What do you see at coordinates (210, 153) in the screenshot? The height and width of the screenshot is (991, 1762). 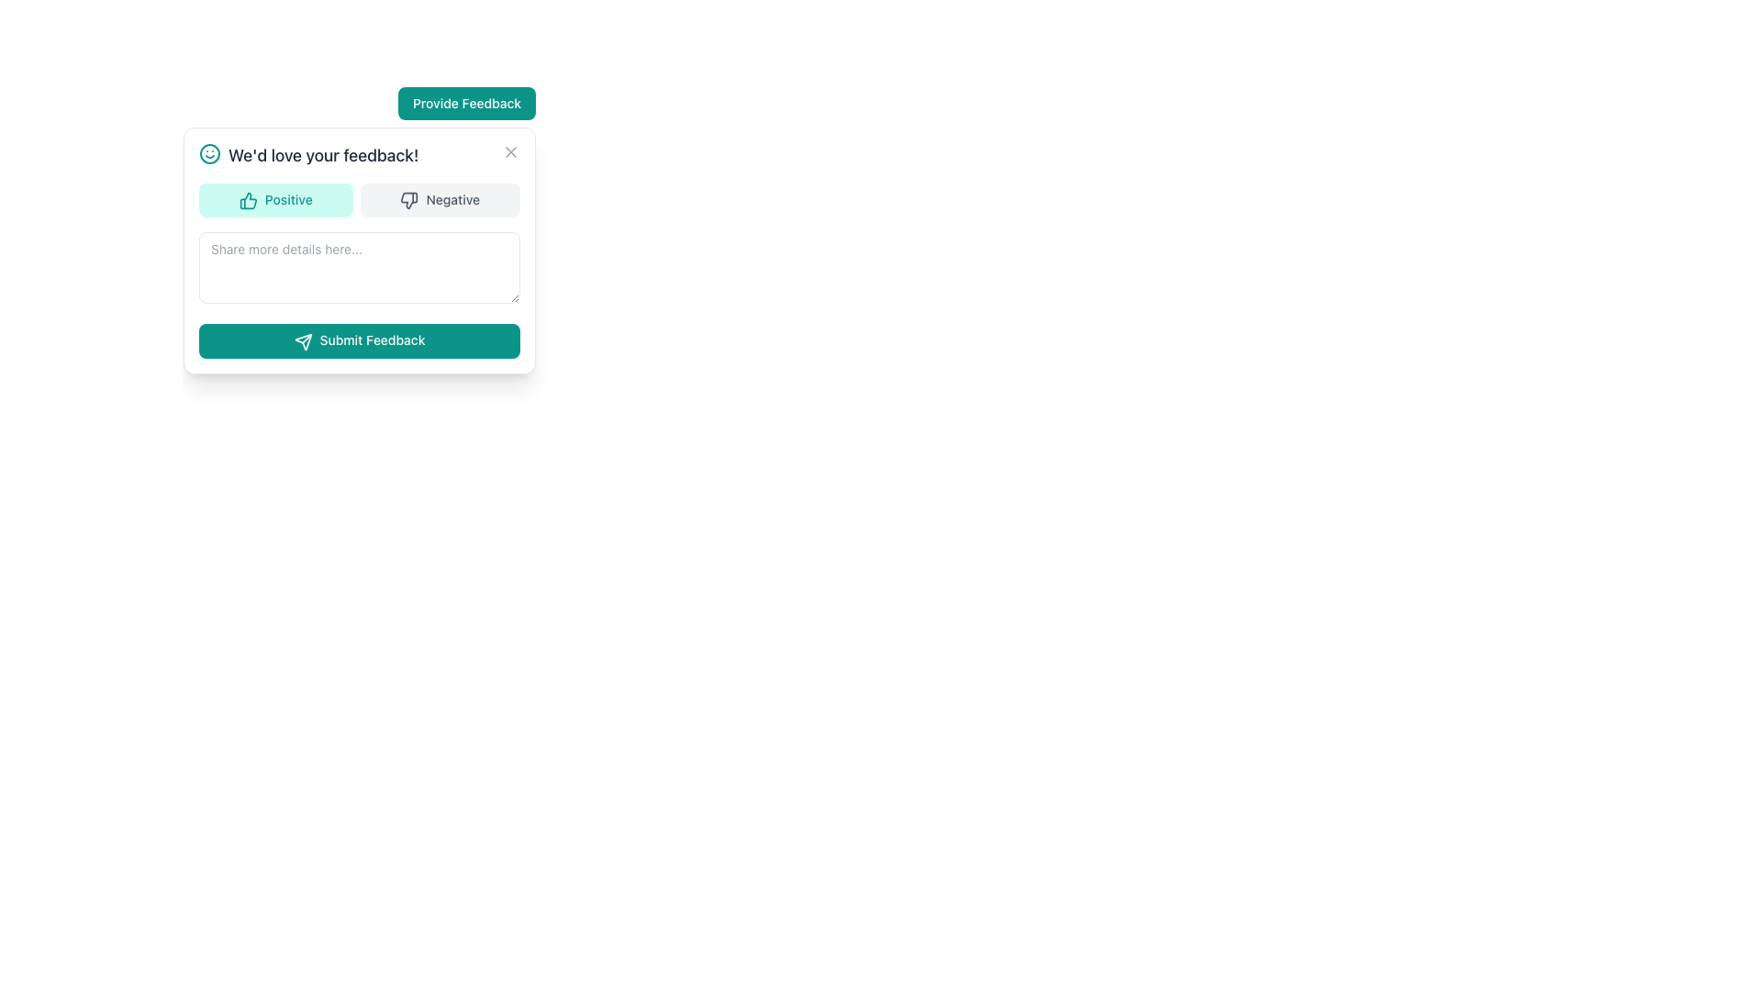 I see `the smiley face icon that visually represents positivity, located next to the feedback prompt titled 'We'd love your feedback!'` at bounding box center [210, 153].